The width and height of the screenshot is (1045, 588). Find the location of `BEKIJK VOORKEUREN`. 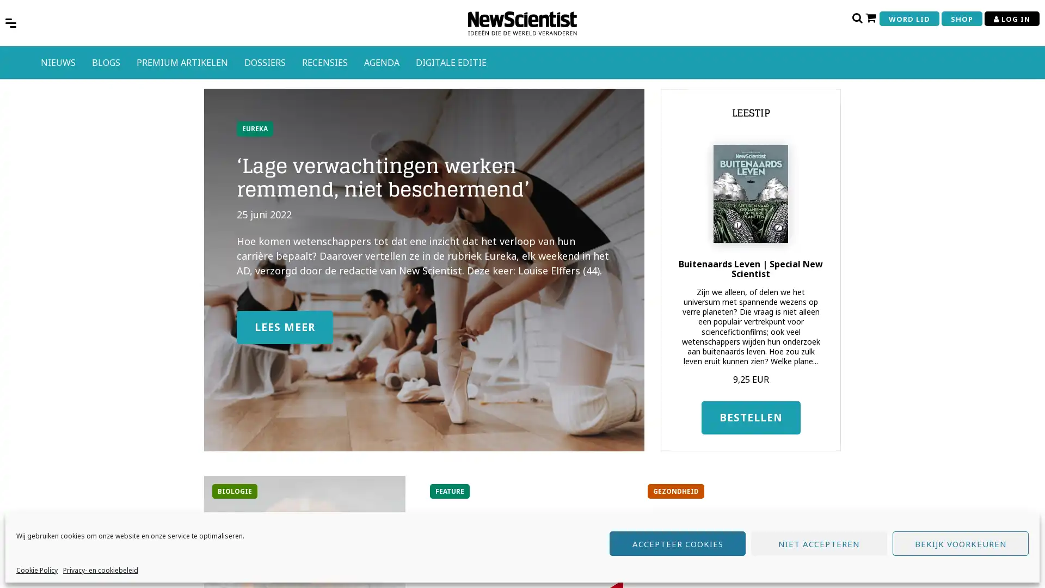

BEKIJK VOORKEUREN is located at coordinates (961, 543).